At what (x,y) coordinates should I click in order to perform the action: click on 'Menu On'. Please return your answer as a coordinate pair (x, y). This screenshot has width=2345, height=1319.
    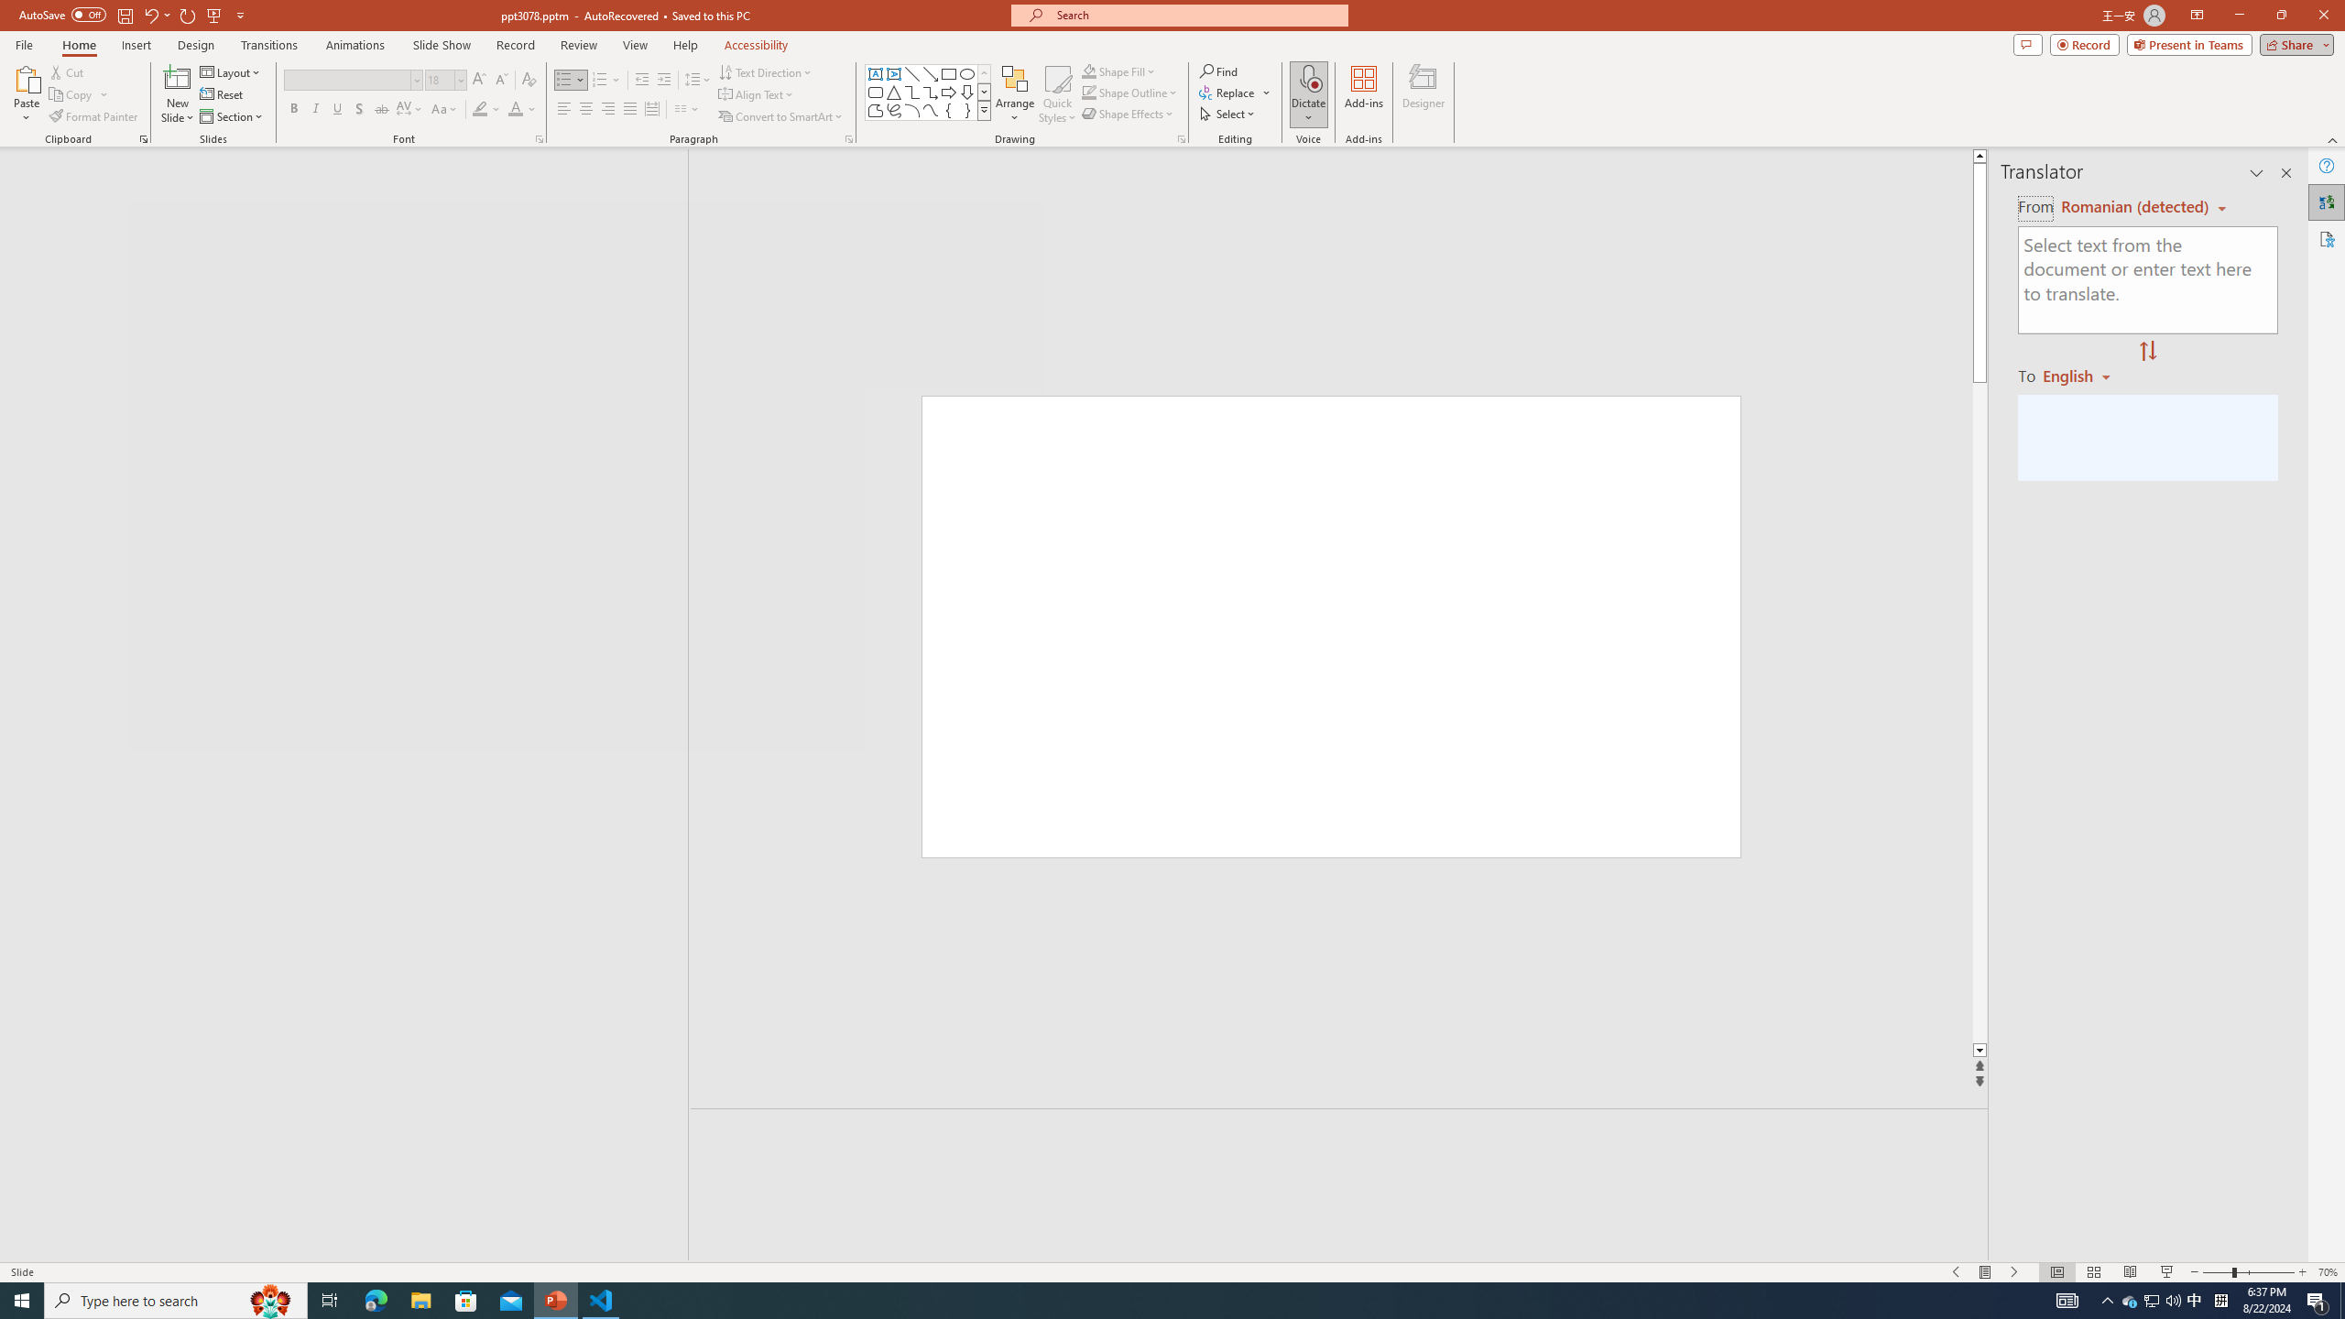
    Looking at the image, I should click on (1986, 1272).